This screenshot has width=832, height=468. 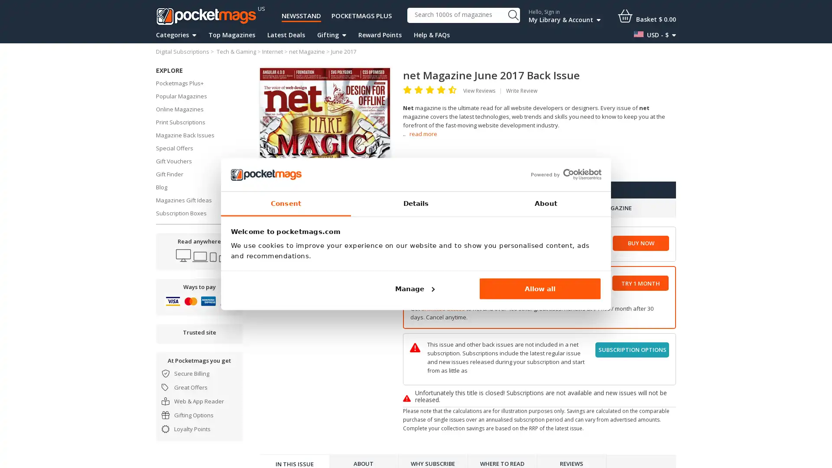 What do you see at coordinates (655, 35) in the screenshot?
I see `United States   USD - $` at bounding box center [655, 35].